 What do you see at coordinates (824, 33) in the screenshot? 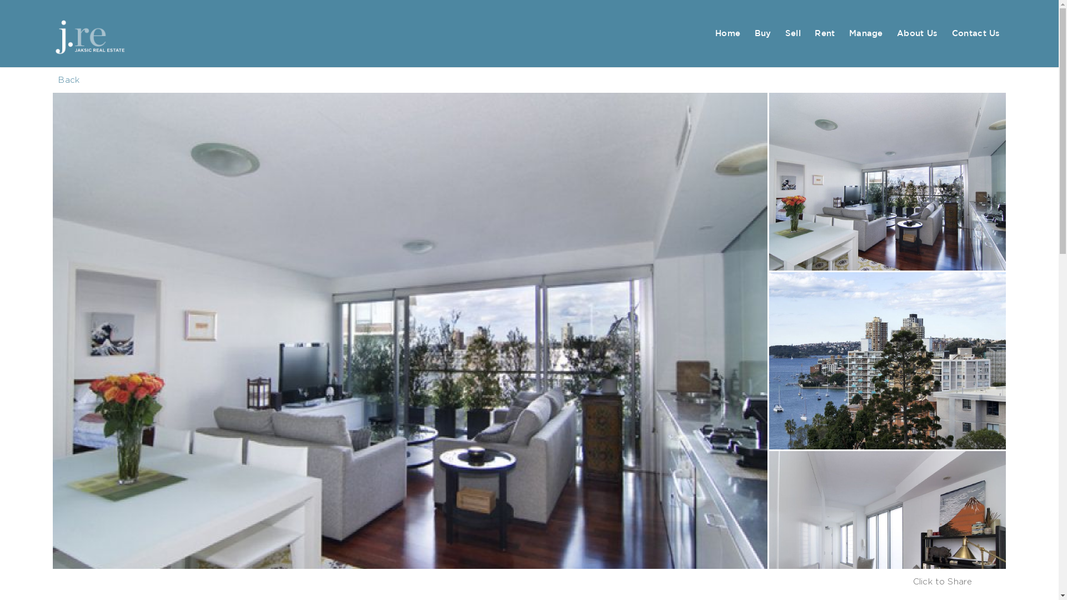
I see `'Rent'` at bounding box center [824, 33].